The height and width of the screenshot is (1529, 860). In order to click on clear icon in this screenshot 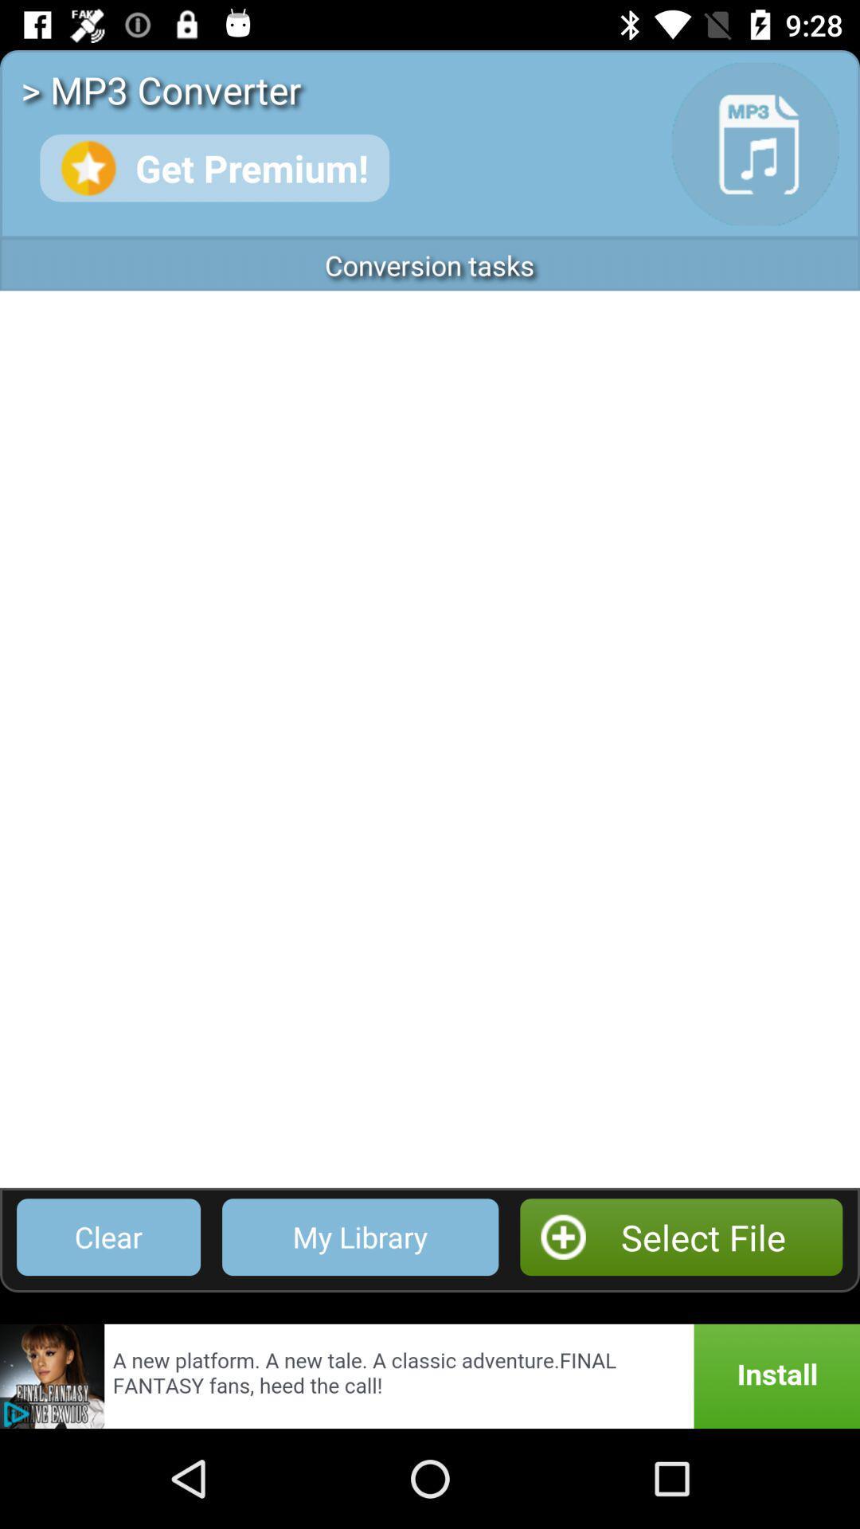, I will do `click(107, 1236)`.